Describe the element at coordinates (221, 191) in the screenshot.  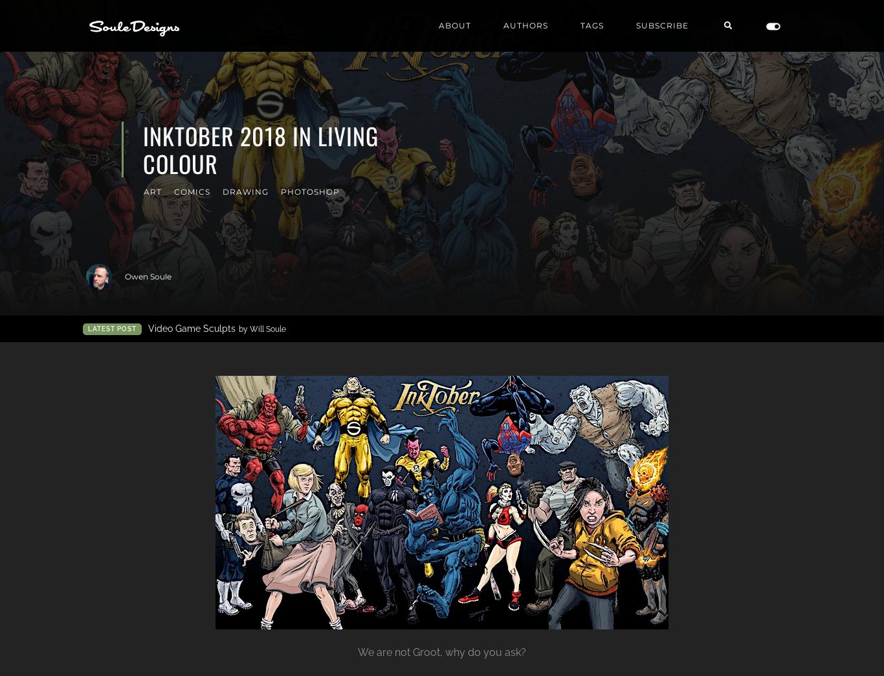
I see `'Drawing'` at that location.